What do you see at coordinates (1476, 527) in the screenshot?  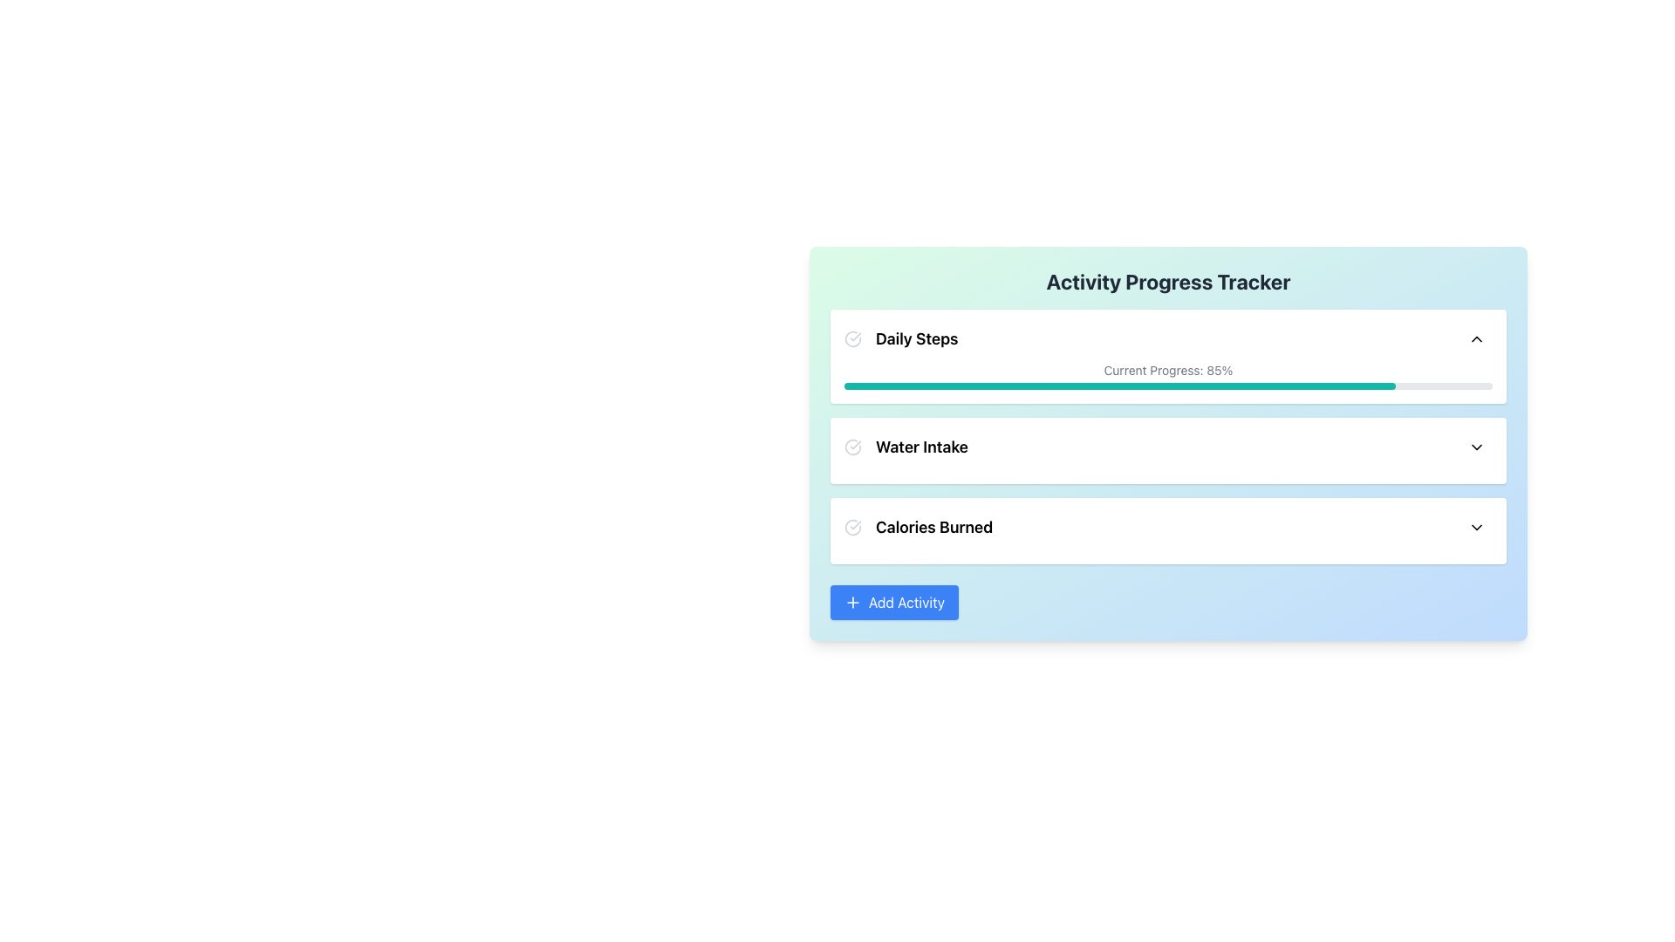 I see `the downward-facing chevron icon` at bounding box center [1476, 527].